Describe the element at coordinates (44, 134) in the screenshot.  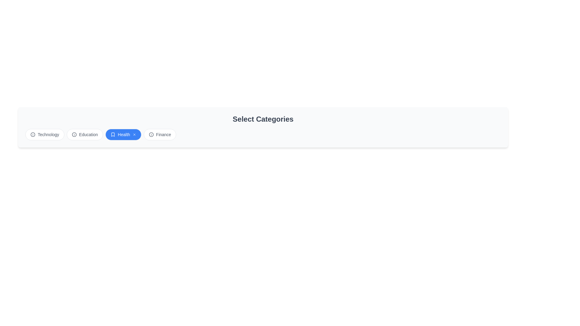
I see `the category Technology by clicking on its chip` at that location.